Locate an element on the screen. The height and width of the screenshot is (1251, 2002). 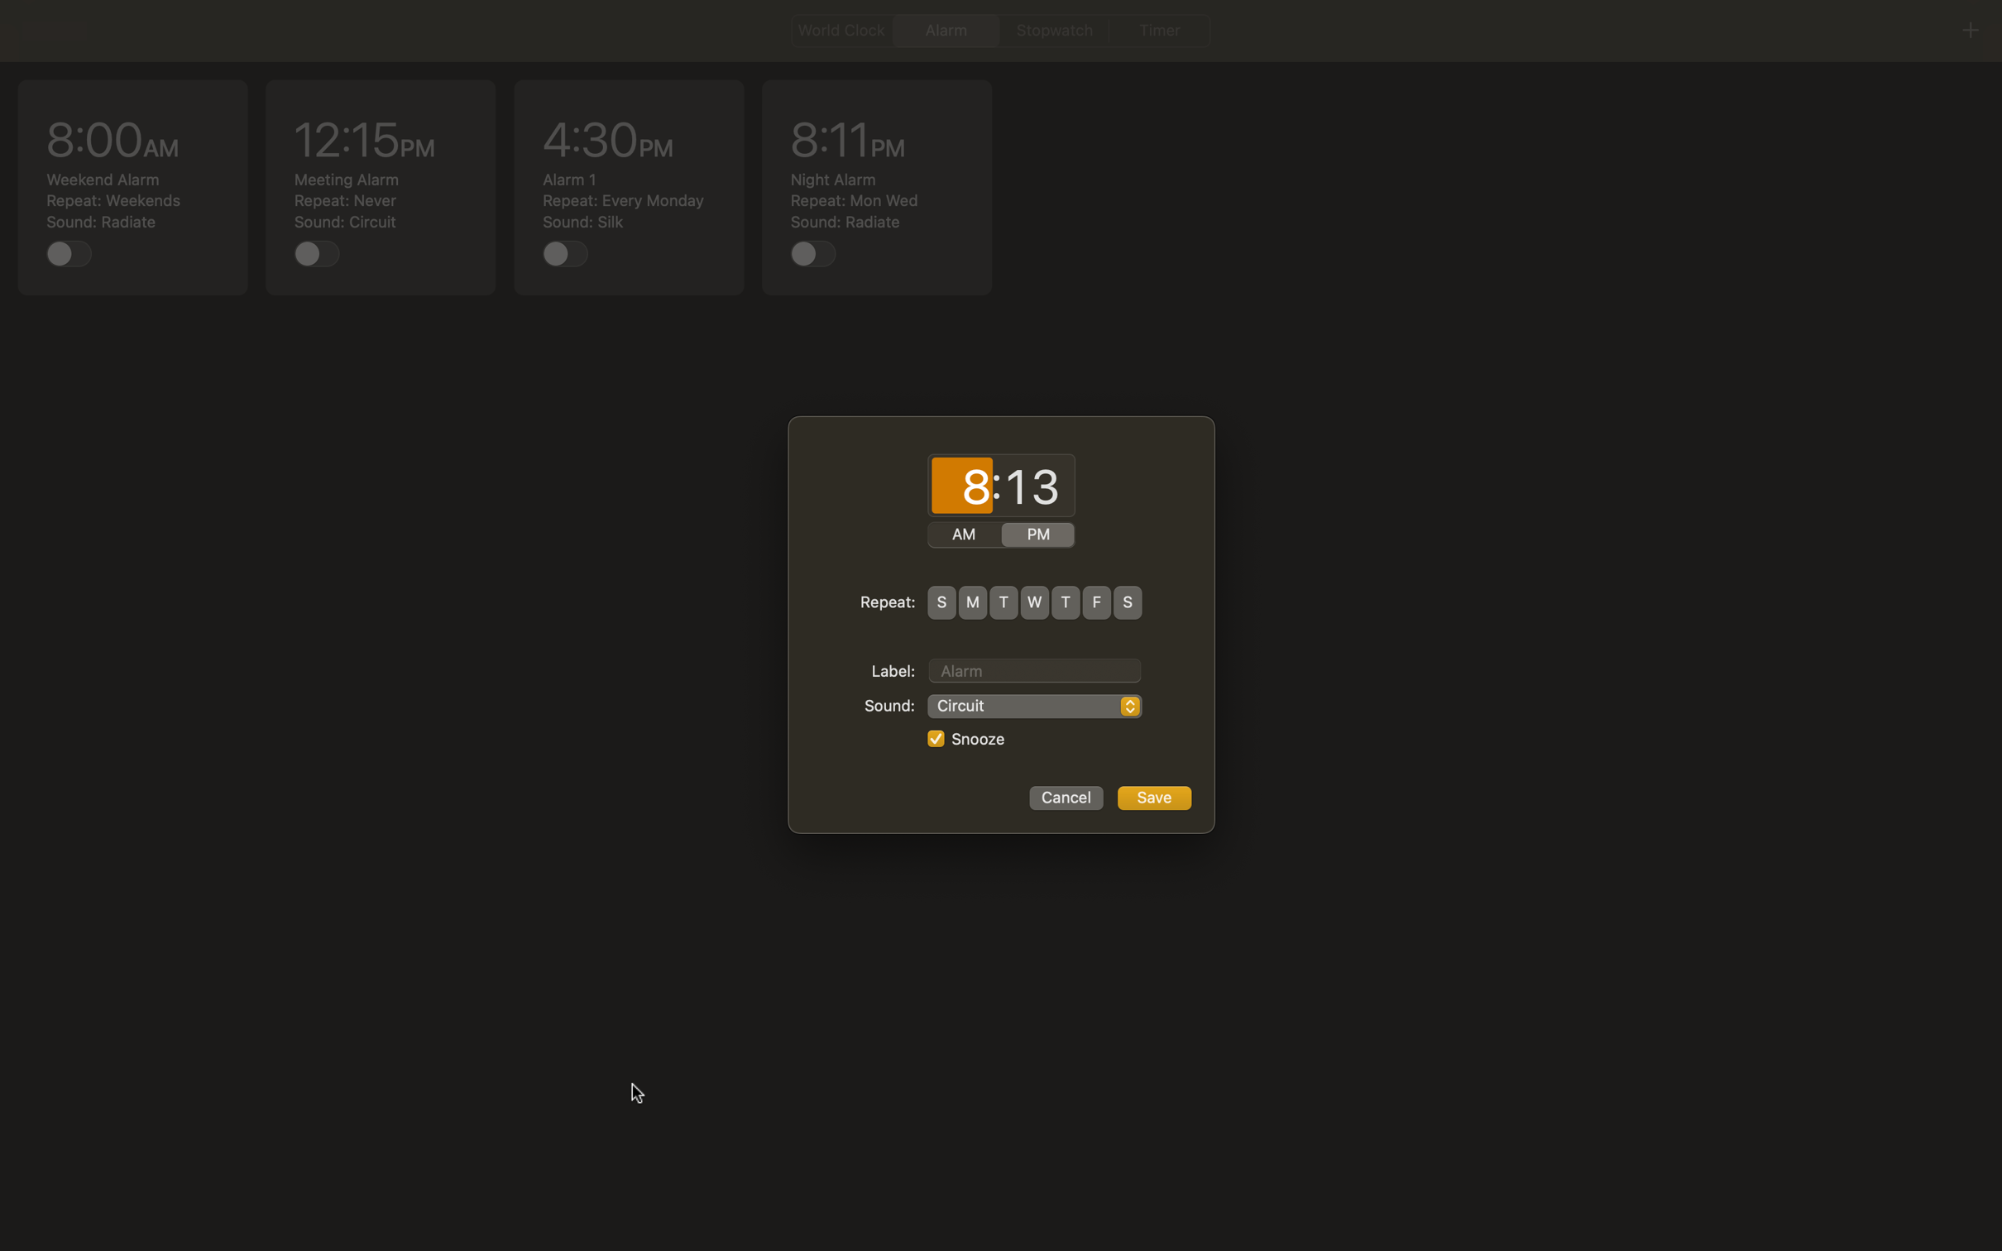
Program the time with hour as 7 and minutes as 45 is located at coordinates (961, 486).